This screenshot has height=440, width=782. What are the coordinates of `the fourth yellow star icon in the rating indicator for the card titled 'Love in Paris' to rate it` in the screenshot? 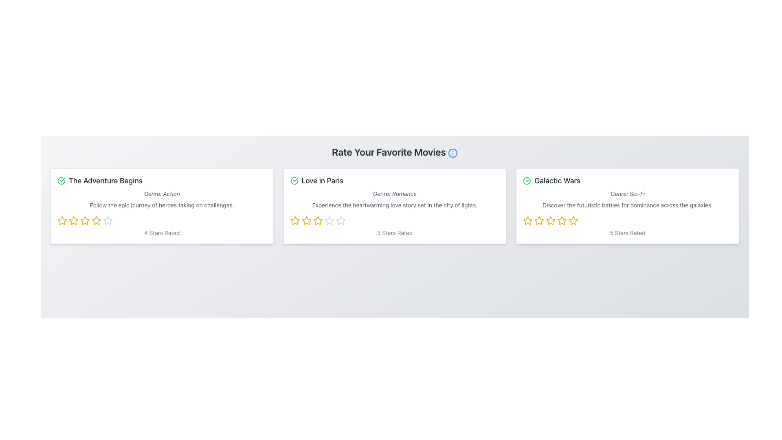 It's located at (317, 221).